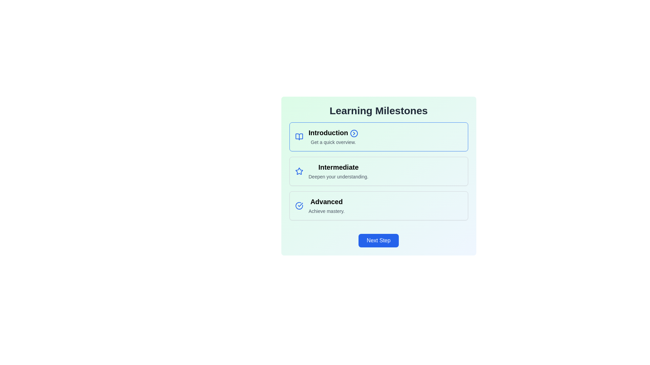 The width and height of the screenshot is (650, 365). I want to click on the 'Advanced' label, so click(326, 201).